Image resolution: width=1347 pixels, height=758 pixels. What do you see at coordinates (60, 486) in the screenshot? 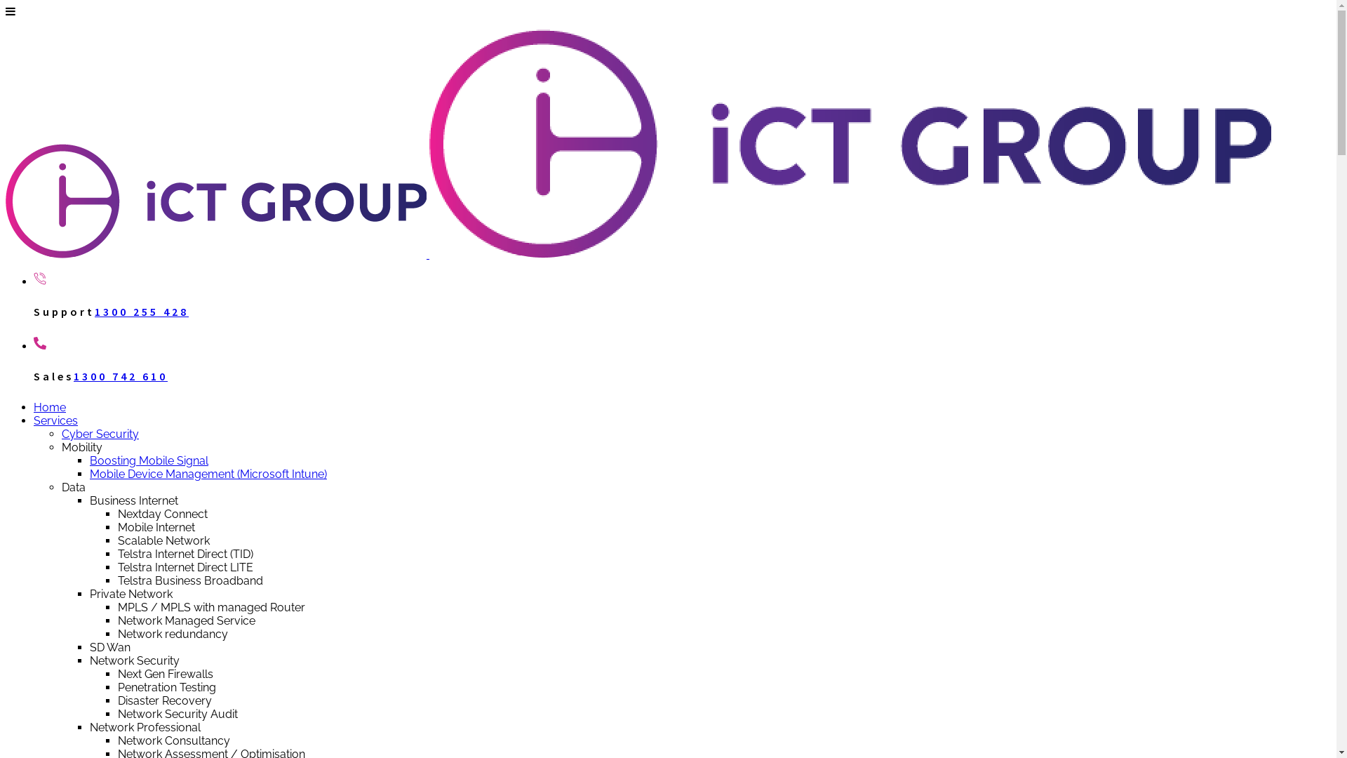
I see `'Data'` at bounding box center [60, 486].